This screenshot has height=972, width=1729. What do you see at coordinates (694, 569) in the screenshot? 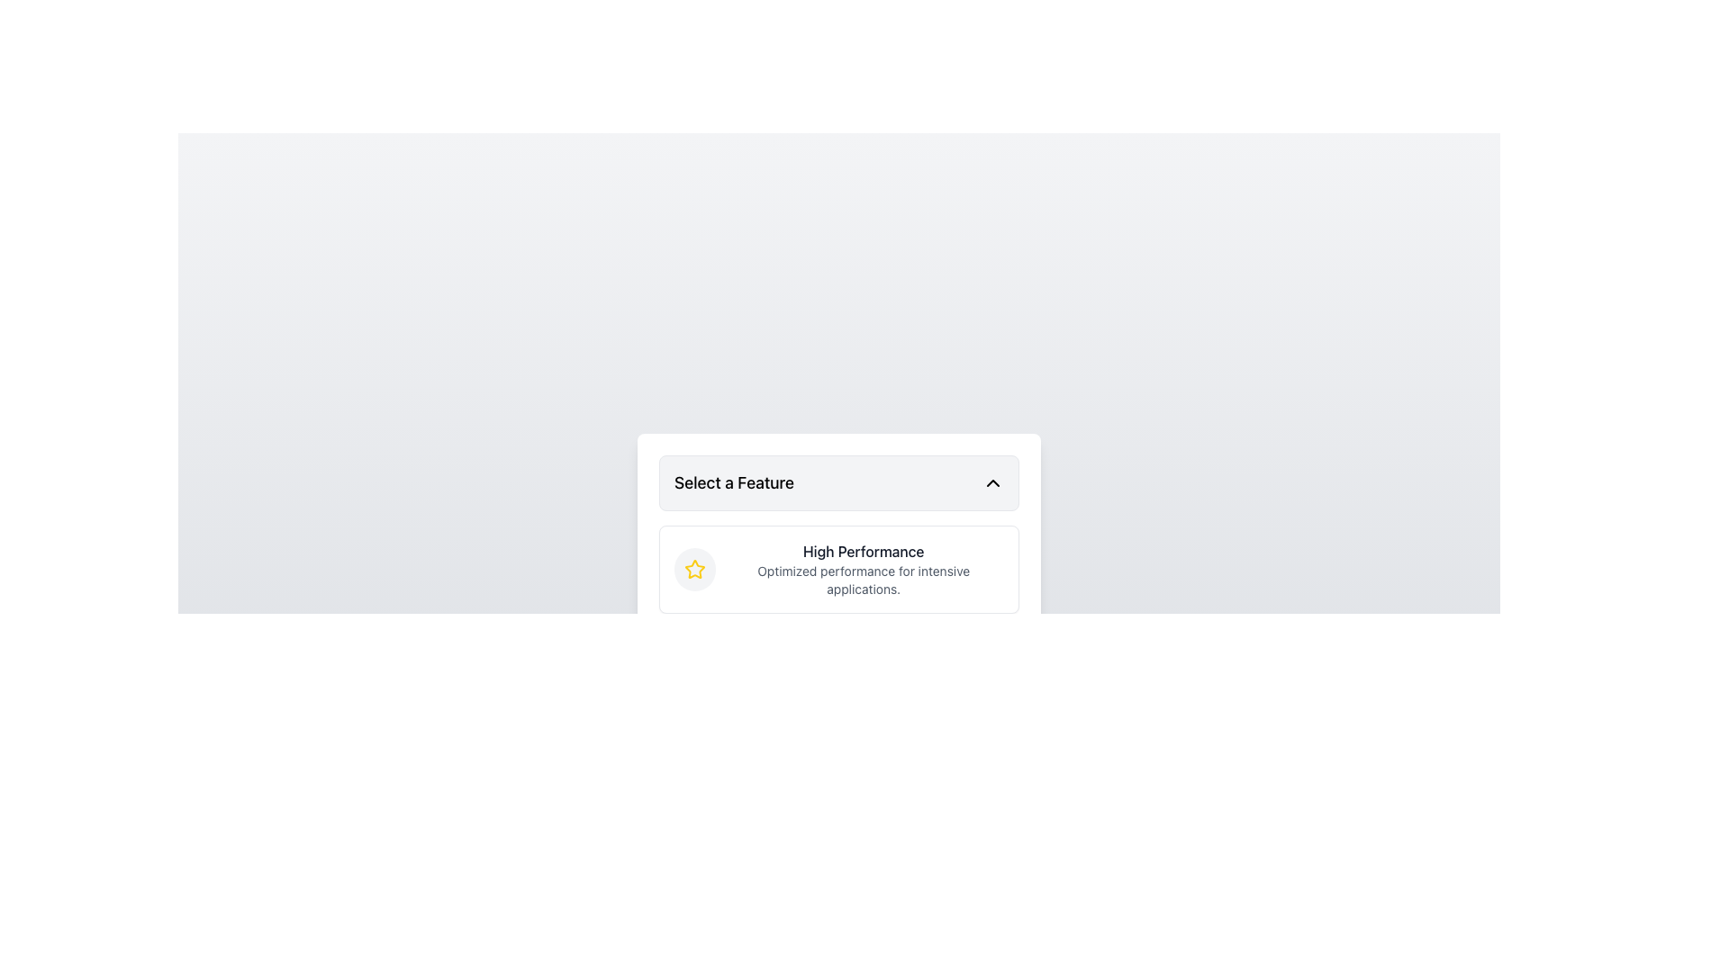
I see `the star icon with a yellow stroke and transparent fill, which is centered within a rounded gray background, located above the text 'High Performance'` at bounding box center [694, 569].